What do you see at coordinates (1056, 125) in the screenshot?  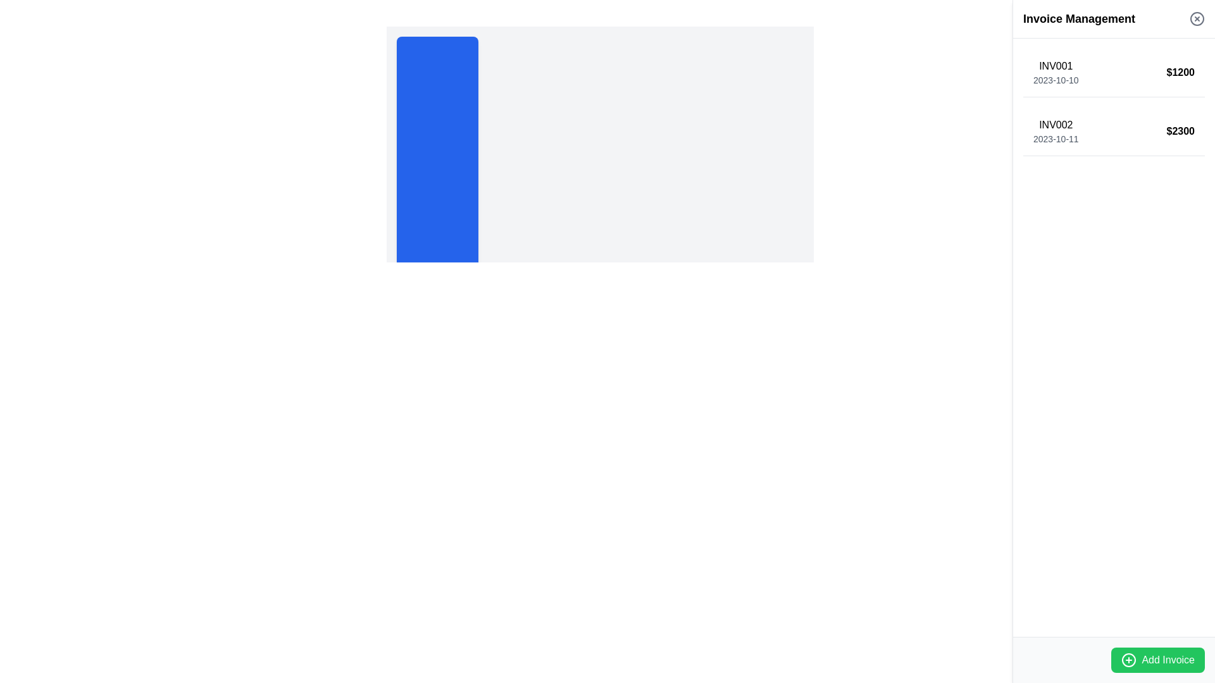 I see `the static text element that identifies a specific invoice entry in the 'Invoice Management' list` at bounding box center [1056, 125].